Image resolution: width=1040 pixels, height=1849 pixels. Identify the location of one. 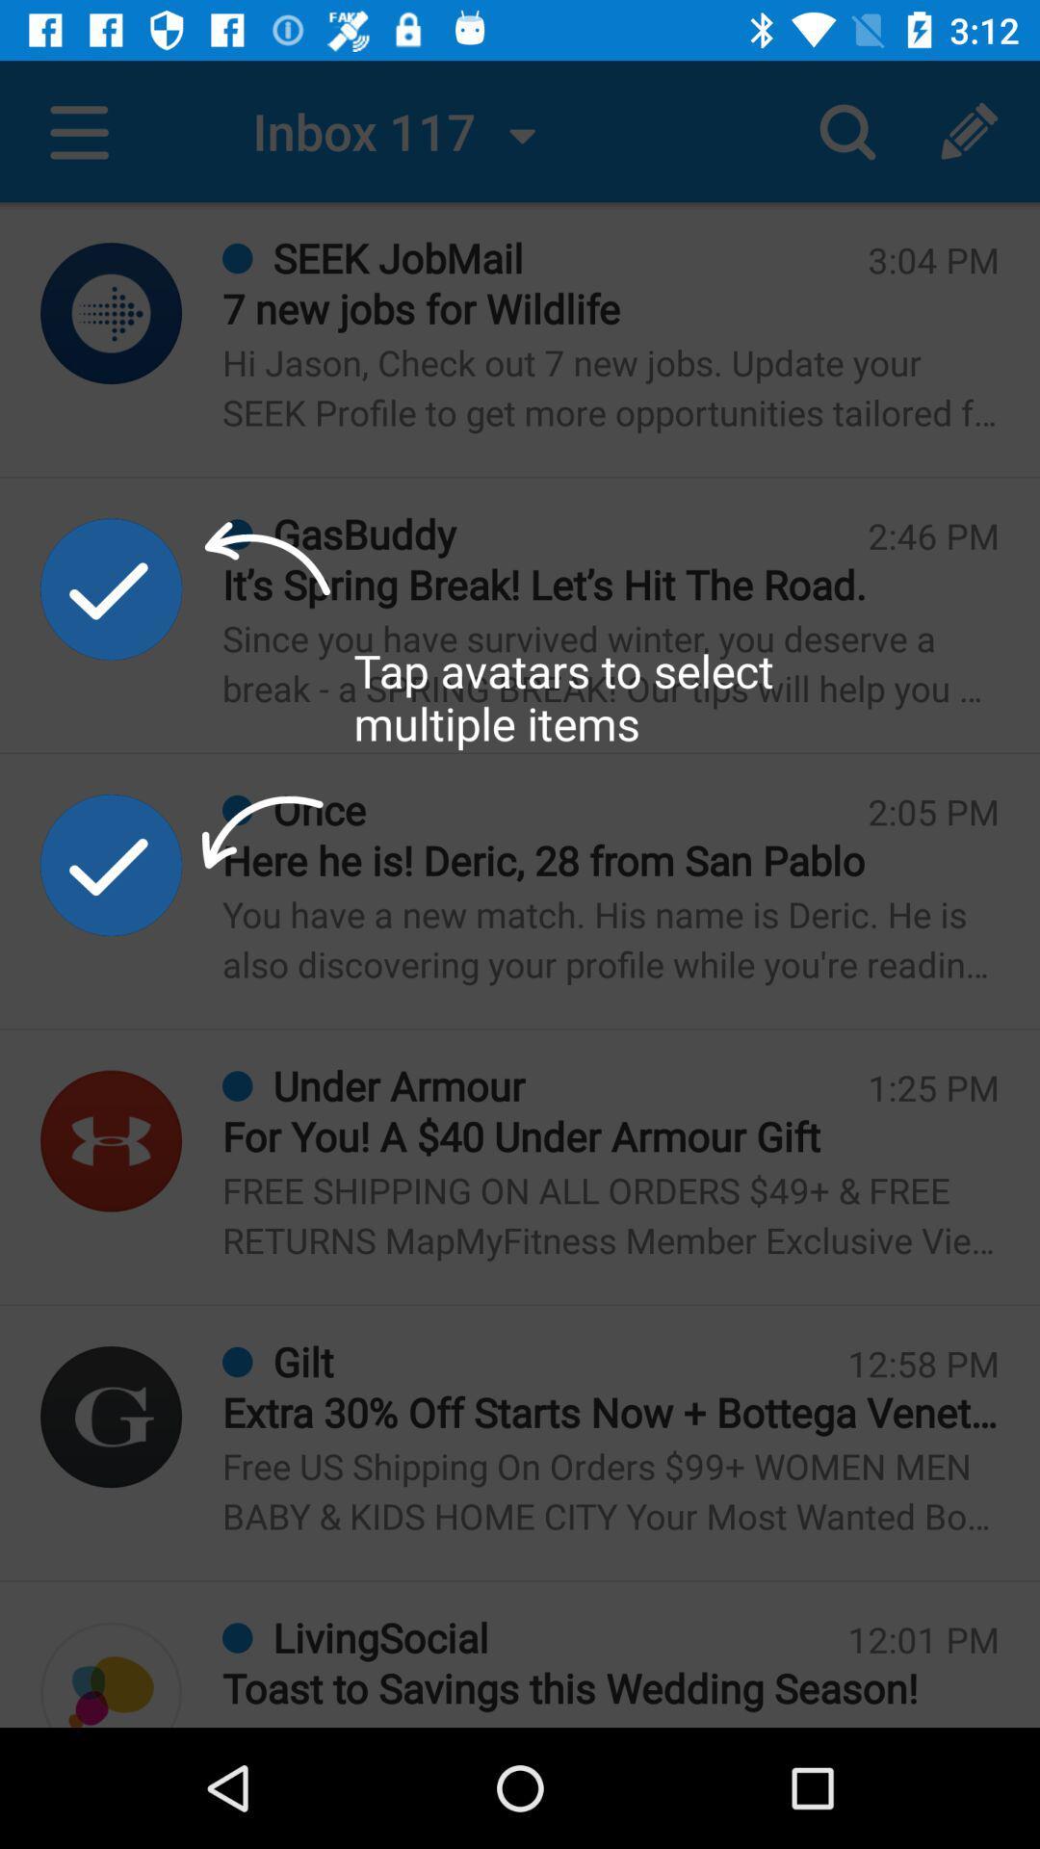
(111, 587).